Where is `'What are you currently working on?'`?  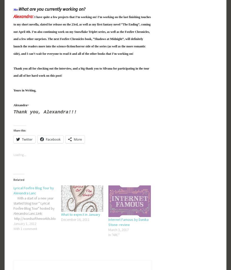
'What are you currently working on?' is located at coordinates (52, 9).